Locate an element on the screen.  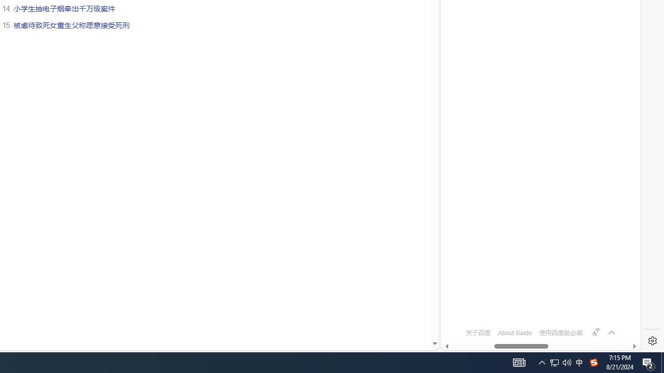
'About Baidu' is located at coordinates (515, 333).